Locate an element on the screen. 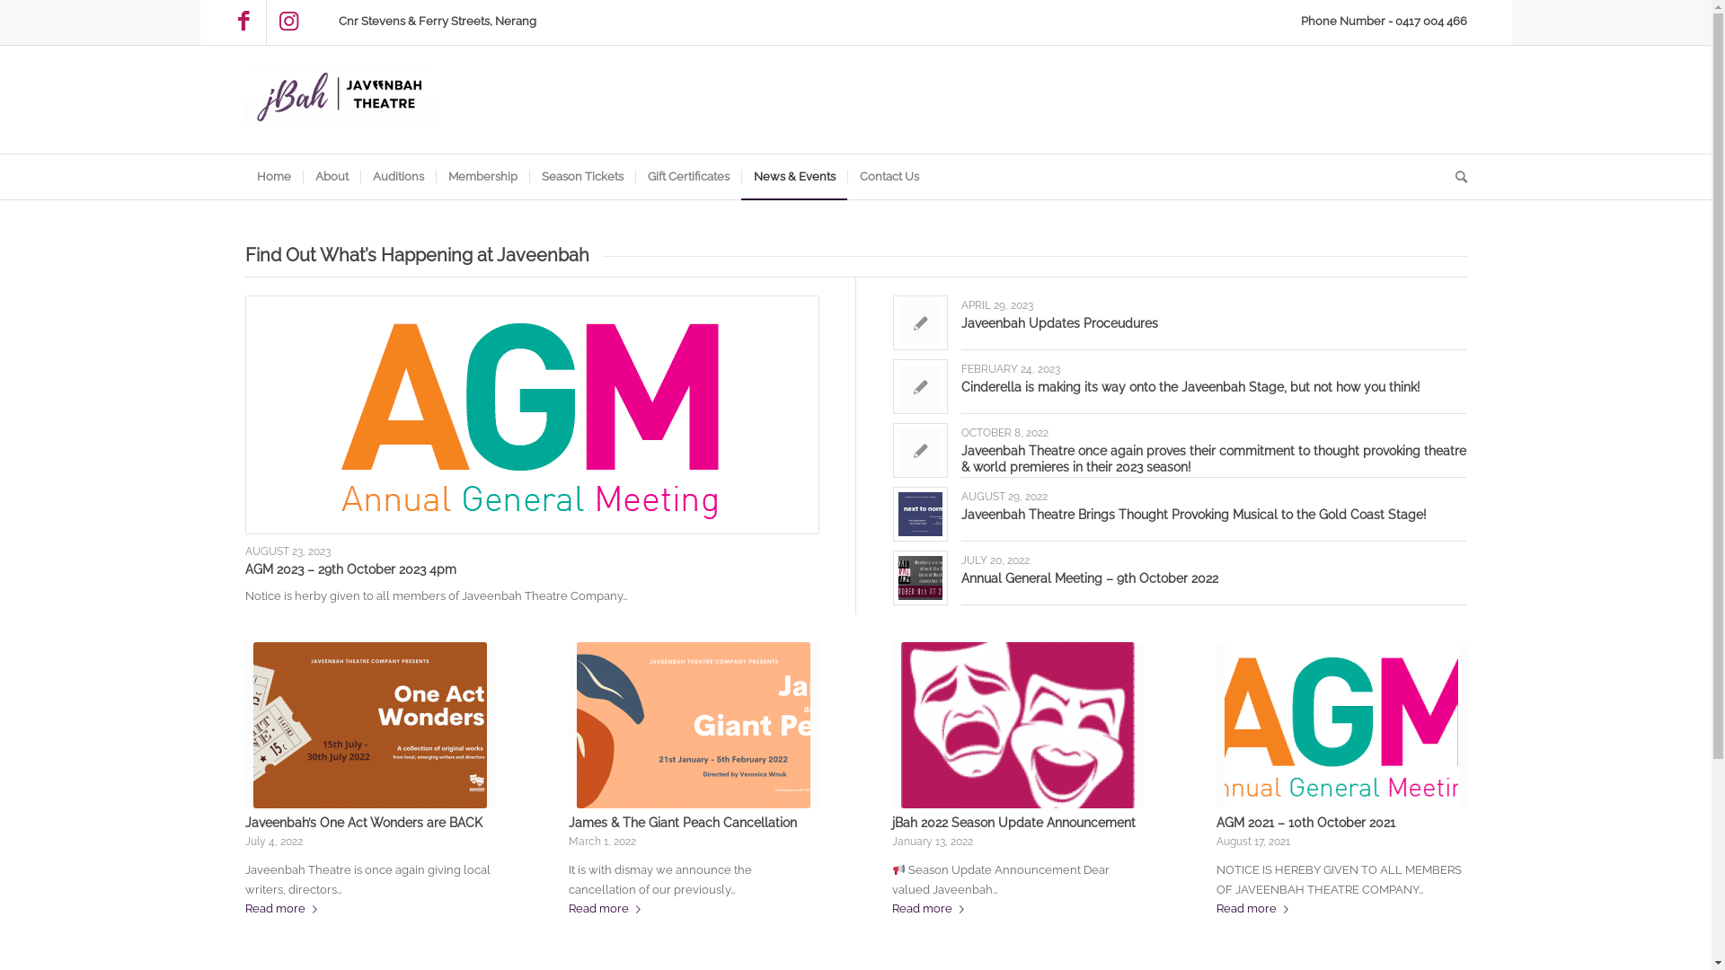 Image resolution: width=1725 pixels, height=970 pixels. 'Cnr Stevens & Ferry Streets, Nerang' is located at coordinates (436, 20).